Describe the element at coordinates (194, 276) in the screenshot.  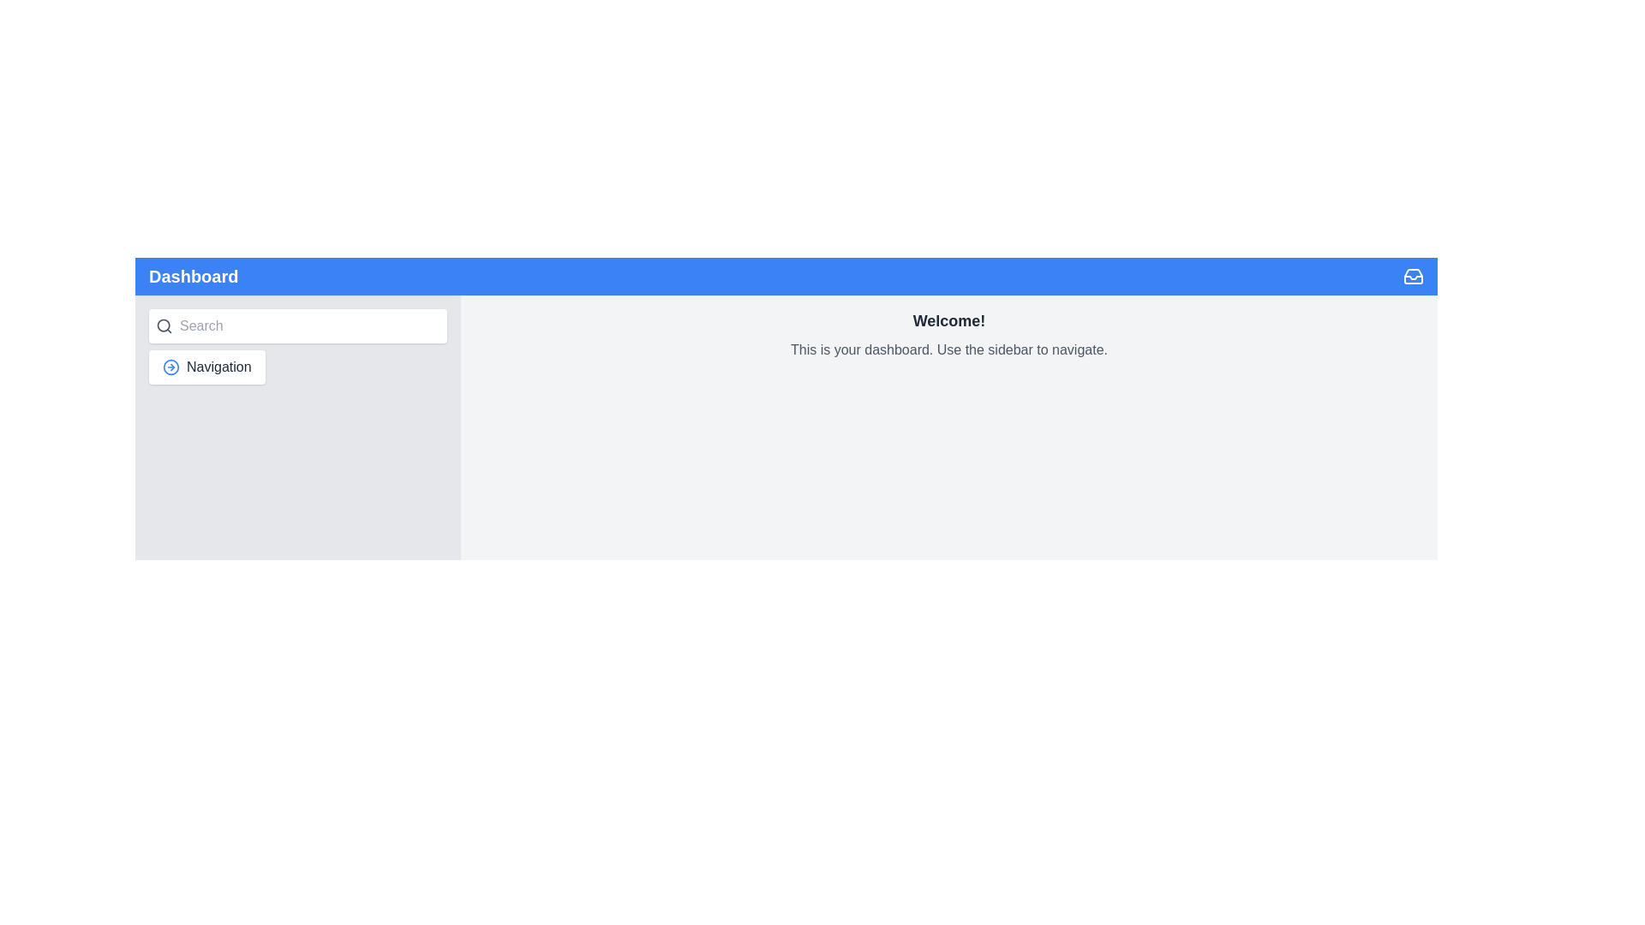
I see `the Text Label located in the top-left side of the blue navigation bar, which serves as a header or title for the current page or section` at that location.